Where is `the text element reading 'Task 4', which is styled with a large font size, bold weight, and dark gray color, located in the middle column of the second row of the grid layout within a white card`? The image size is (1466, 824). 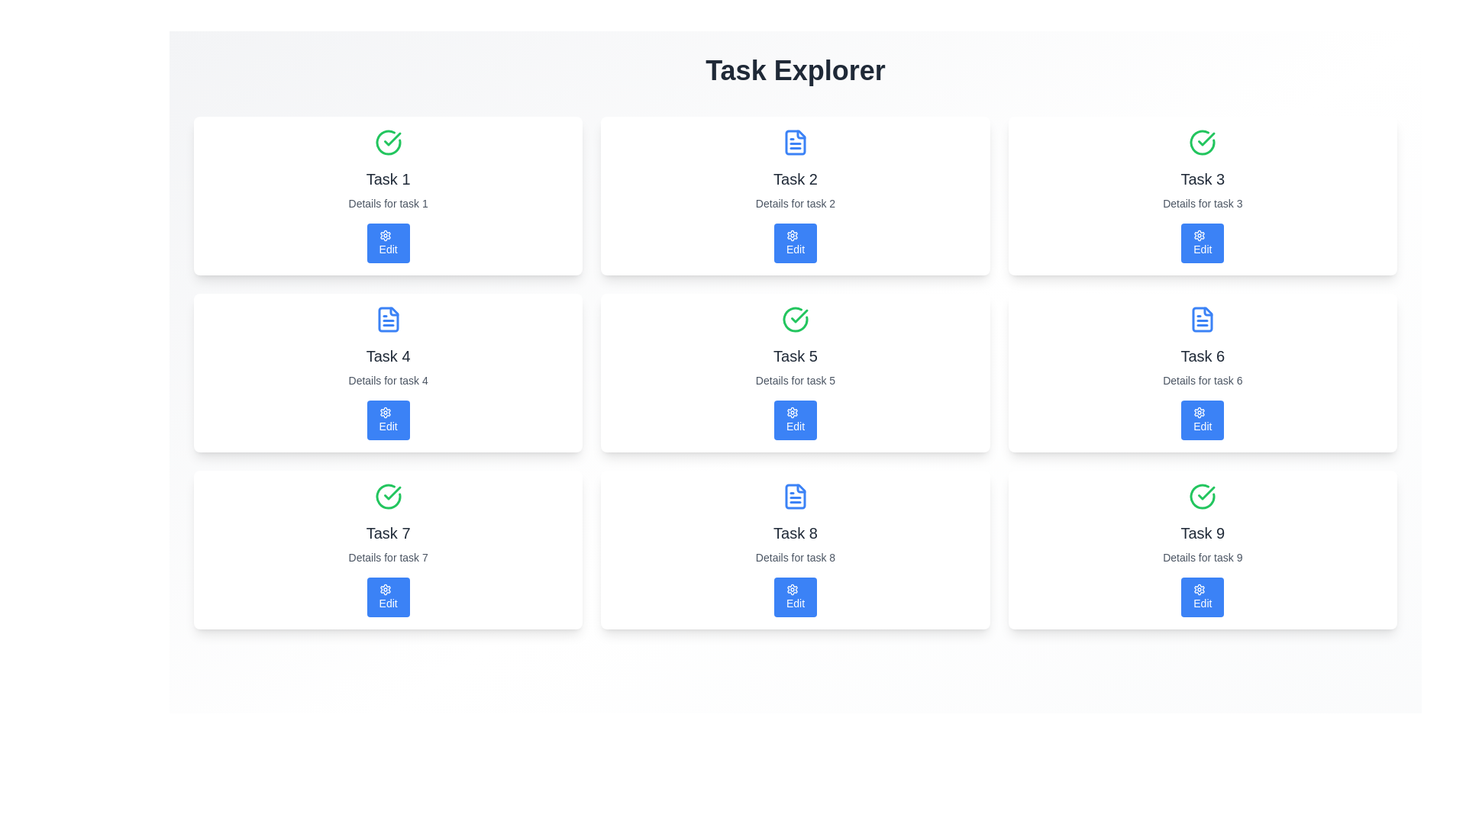
the text element reading 'Task 4', which is styled with a large font size, bold weight, and dark gray color, located in the middle column of the second row of the grid layout within a white card is located at coordinates (388, 356).